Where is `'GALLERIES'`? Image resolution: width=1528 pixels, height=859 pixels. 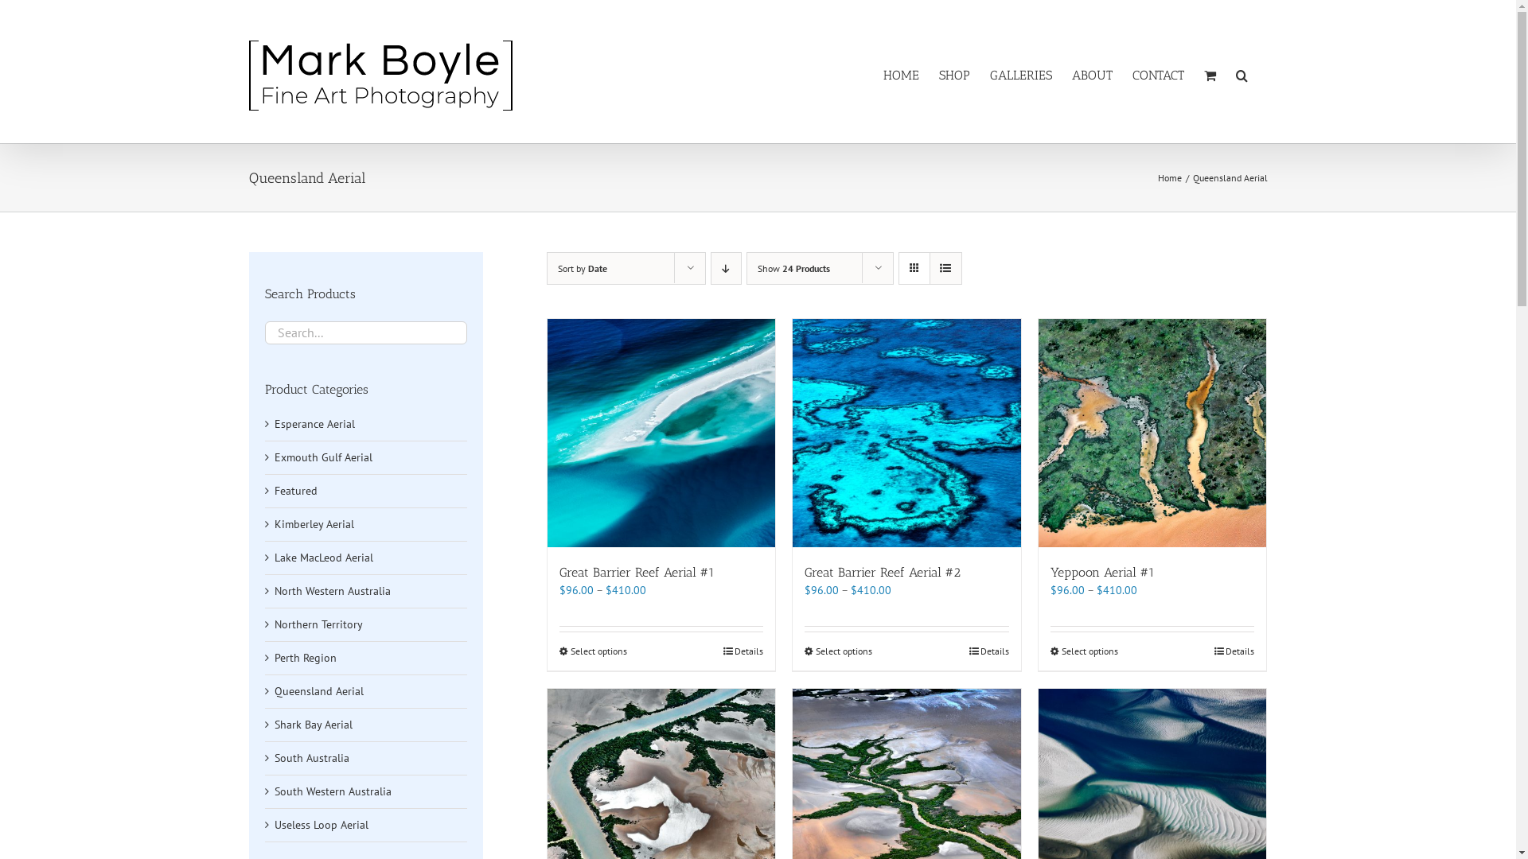 'GALLERIES' is located at coordinates (1020, 76).